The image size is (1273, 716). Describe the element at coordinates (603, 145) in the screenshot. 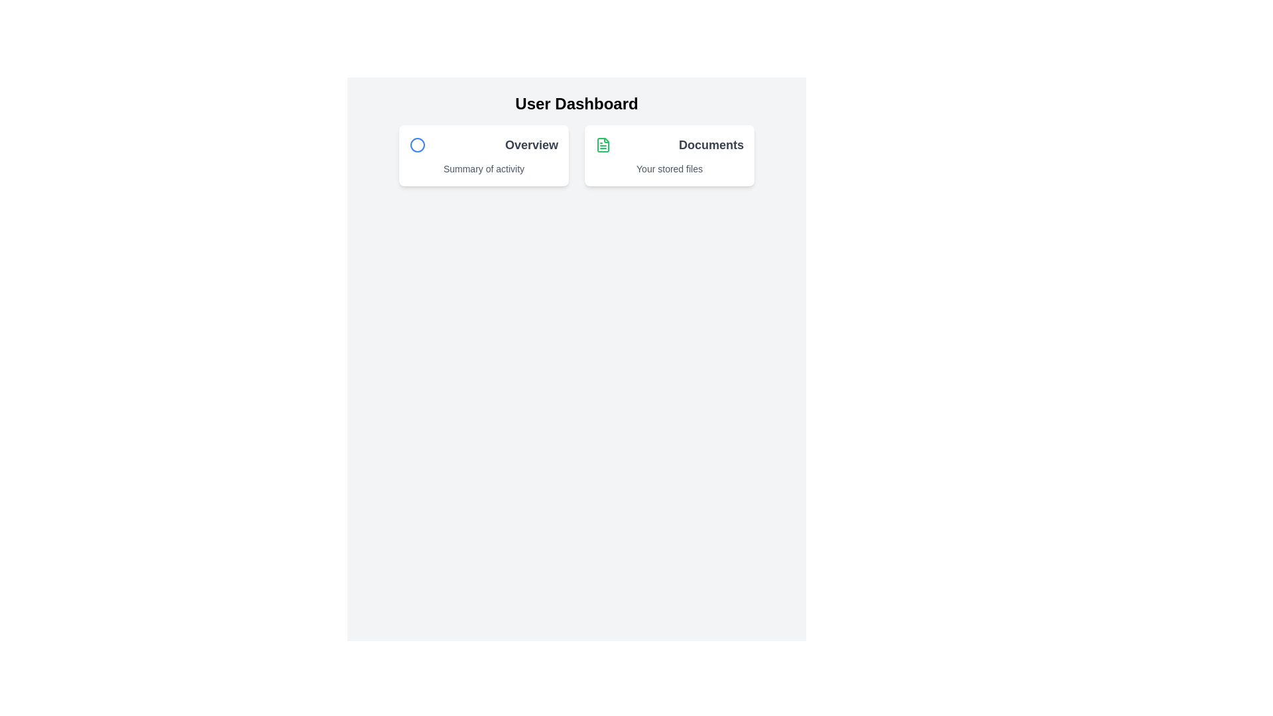

I see `green document icon located to the left of the 'Documents' label in the second card of the dashboard` at that location.